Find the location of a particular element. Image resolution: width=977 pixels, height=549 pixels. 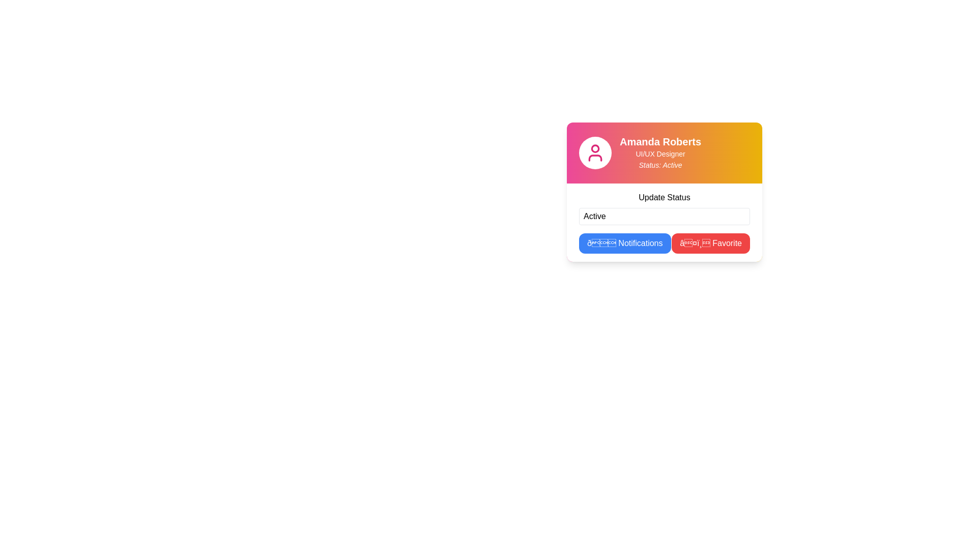

the text label displaying 'Update Status', which is centered above the input field labeled 'Active' is located at coordinates (664, 197).